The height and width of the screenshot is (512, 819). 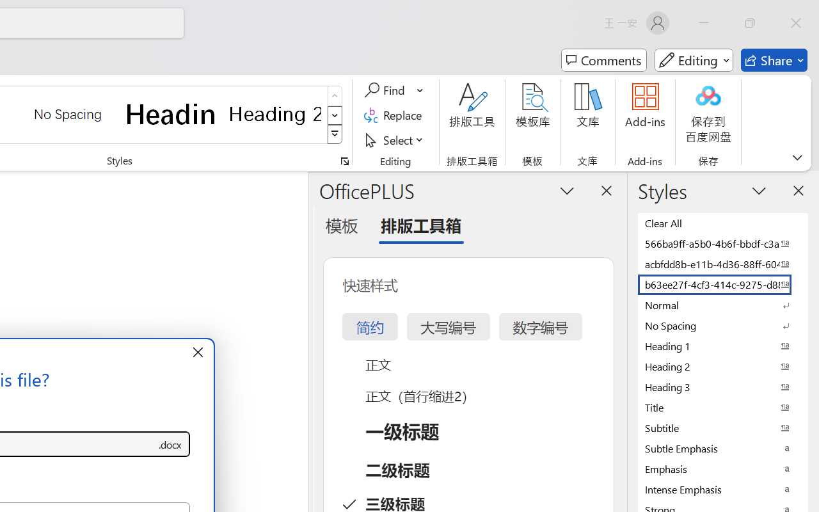 I want to click on 'Subtle Emphasis', so click(x=723, y=448).